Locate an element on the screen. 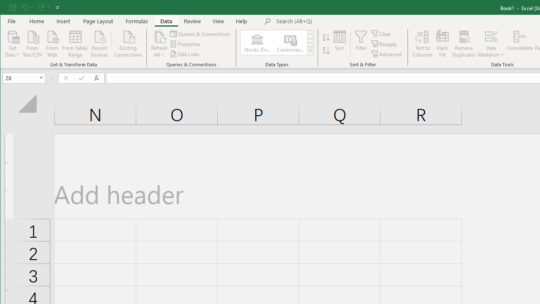  'Remove Duplicates' is located at coordinates (464, 44).